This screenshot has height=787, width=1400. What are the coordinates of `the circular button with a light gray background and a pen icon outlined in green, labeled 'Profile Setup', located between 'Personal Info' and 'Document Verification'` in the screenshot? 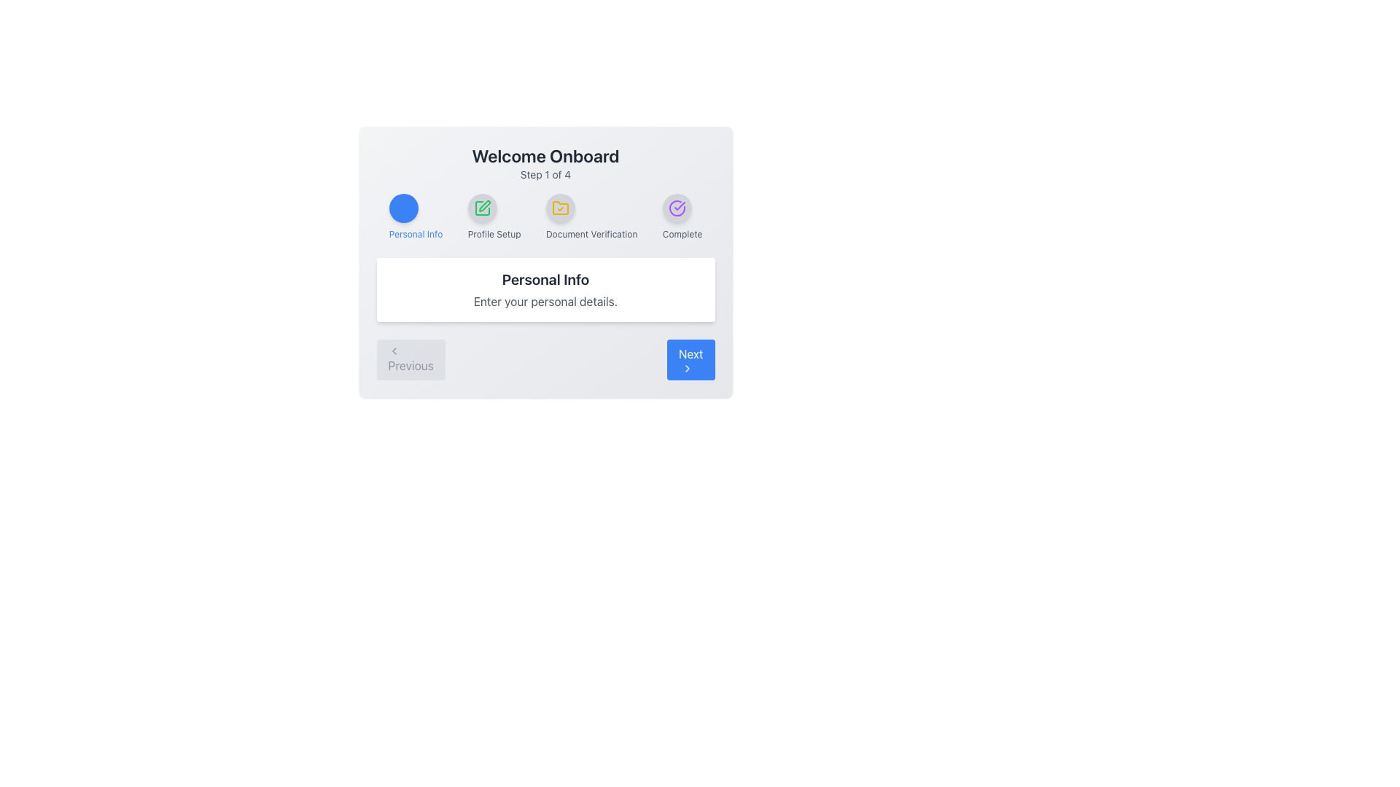 It's located at (482, 208).